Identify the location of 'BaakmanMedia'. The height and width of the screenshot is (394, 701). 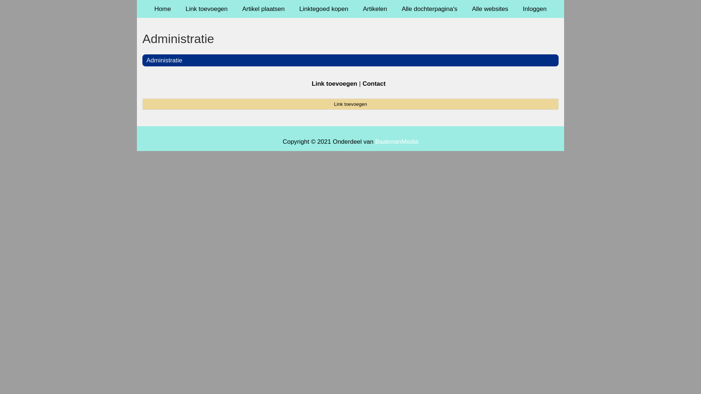
(396, 142).